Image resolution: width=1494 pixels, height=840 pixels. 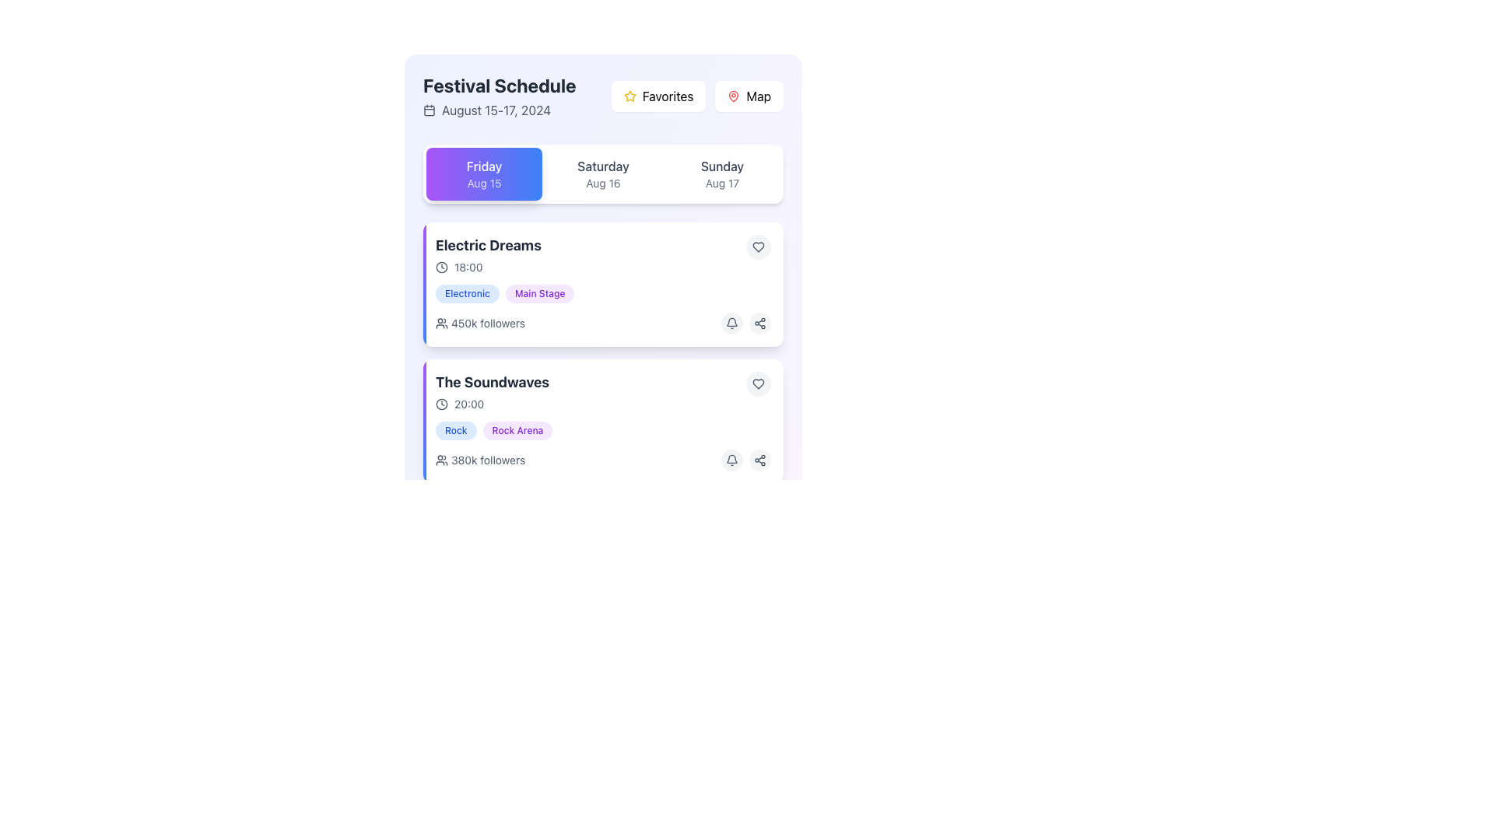 I want to click on the clock icon that symbolizes the time for the event 'The Soundwaves', located to the left of the text '20:00', so click(x=440, y=404).